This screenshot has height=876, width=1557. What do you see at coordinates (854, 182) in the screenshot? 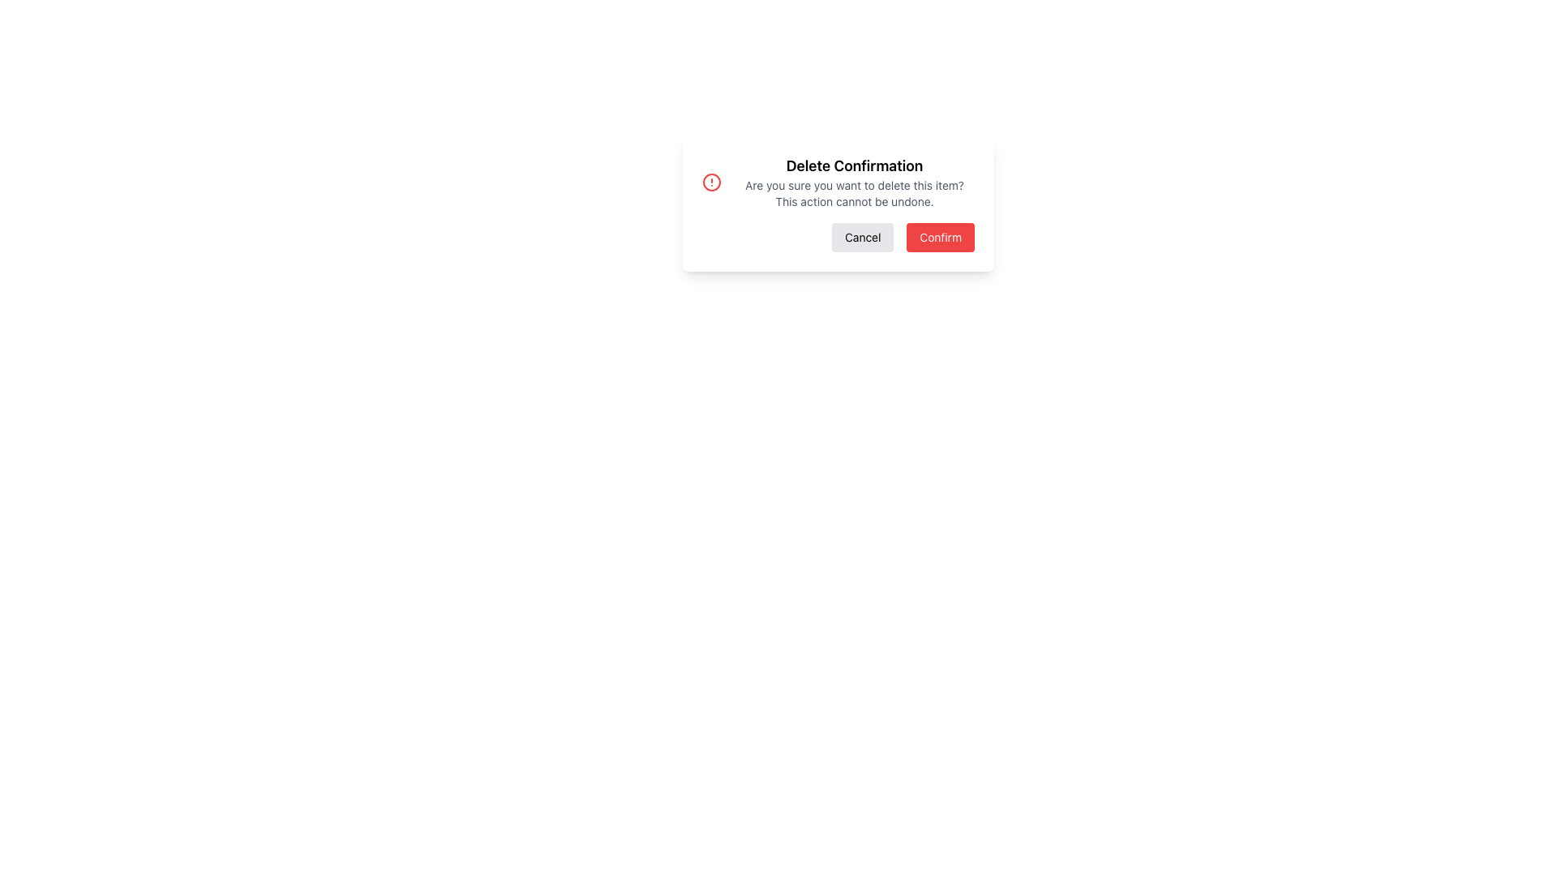
I see `the static text content that confirms user awareness of the consequences of deleting an item, located in the modal dialog box above the 'Cancel' and 'Confirm' buttons` at bounding box center [854, 182].